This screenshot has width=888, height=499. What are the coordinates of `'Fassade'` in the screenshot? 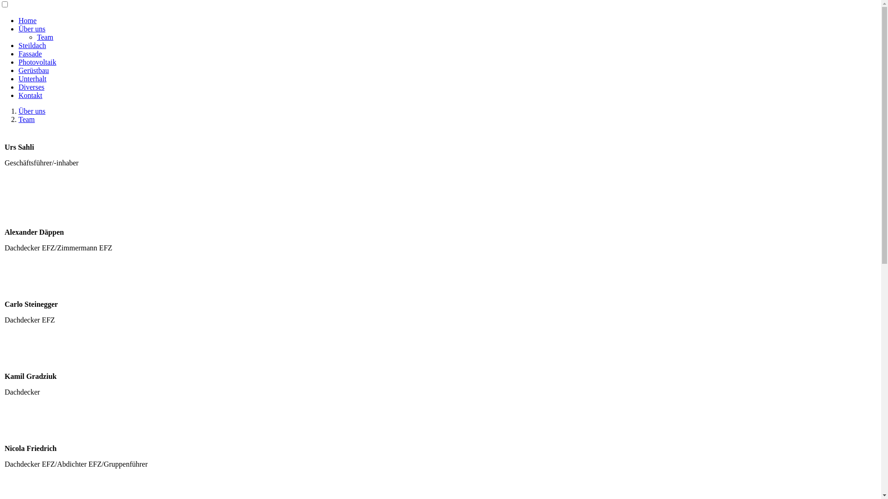 It's located at (30, 54).